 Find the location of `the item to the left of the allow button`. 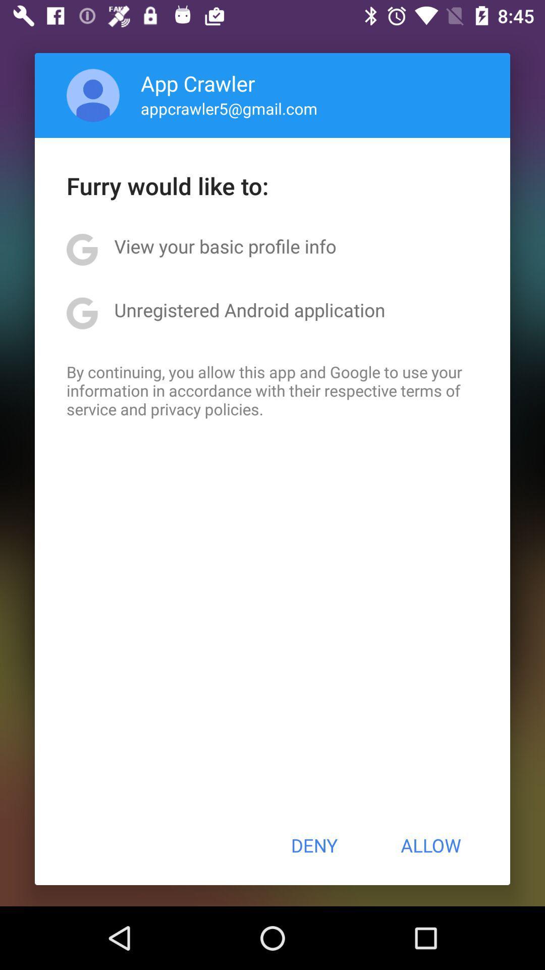

the item to the left of the allow button is located at coordinates (313, 845).